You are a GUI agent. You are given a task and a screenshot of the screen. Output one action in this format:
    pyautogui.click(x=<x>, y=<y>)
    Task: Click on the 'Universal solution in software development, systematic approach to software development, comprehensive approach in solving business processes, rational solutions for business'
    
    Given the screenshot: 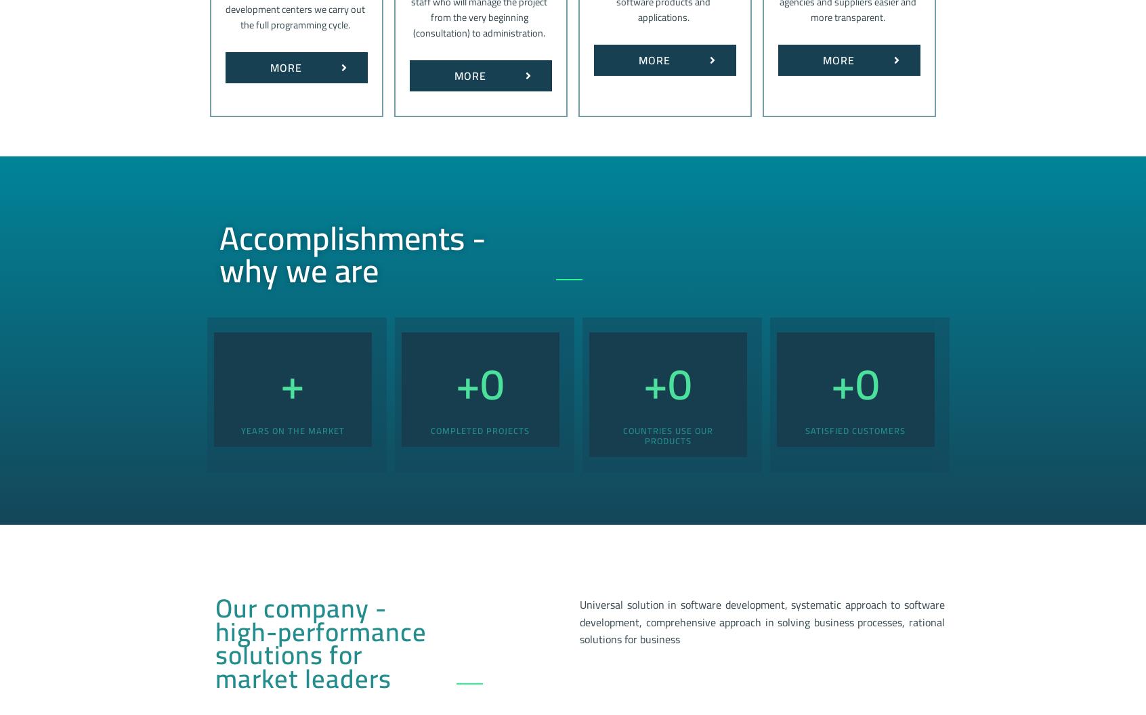 What is the action you would take?
    pyautogui.click(x=762, y=621)
    